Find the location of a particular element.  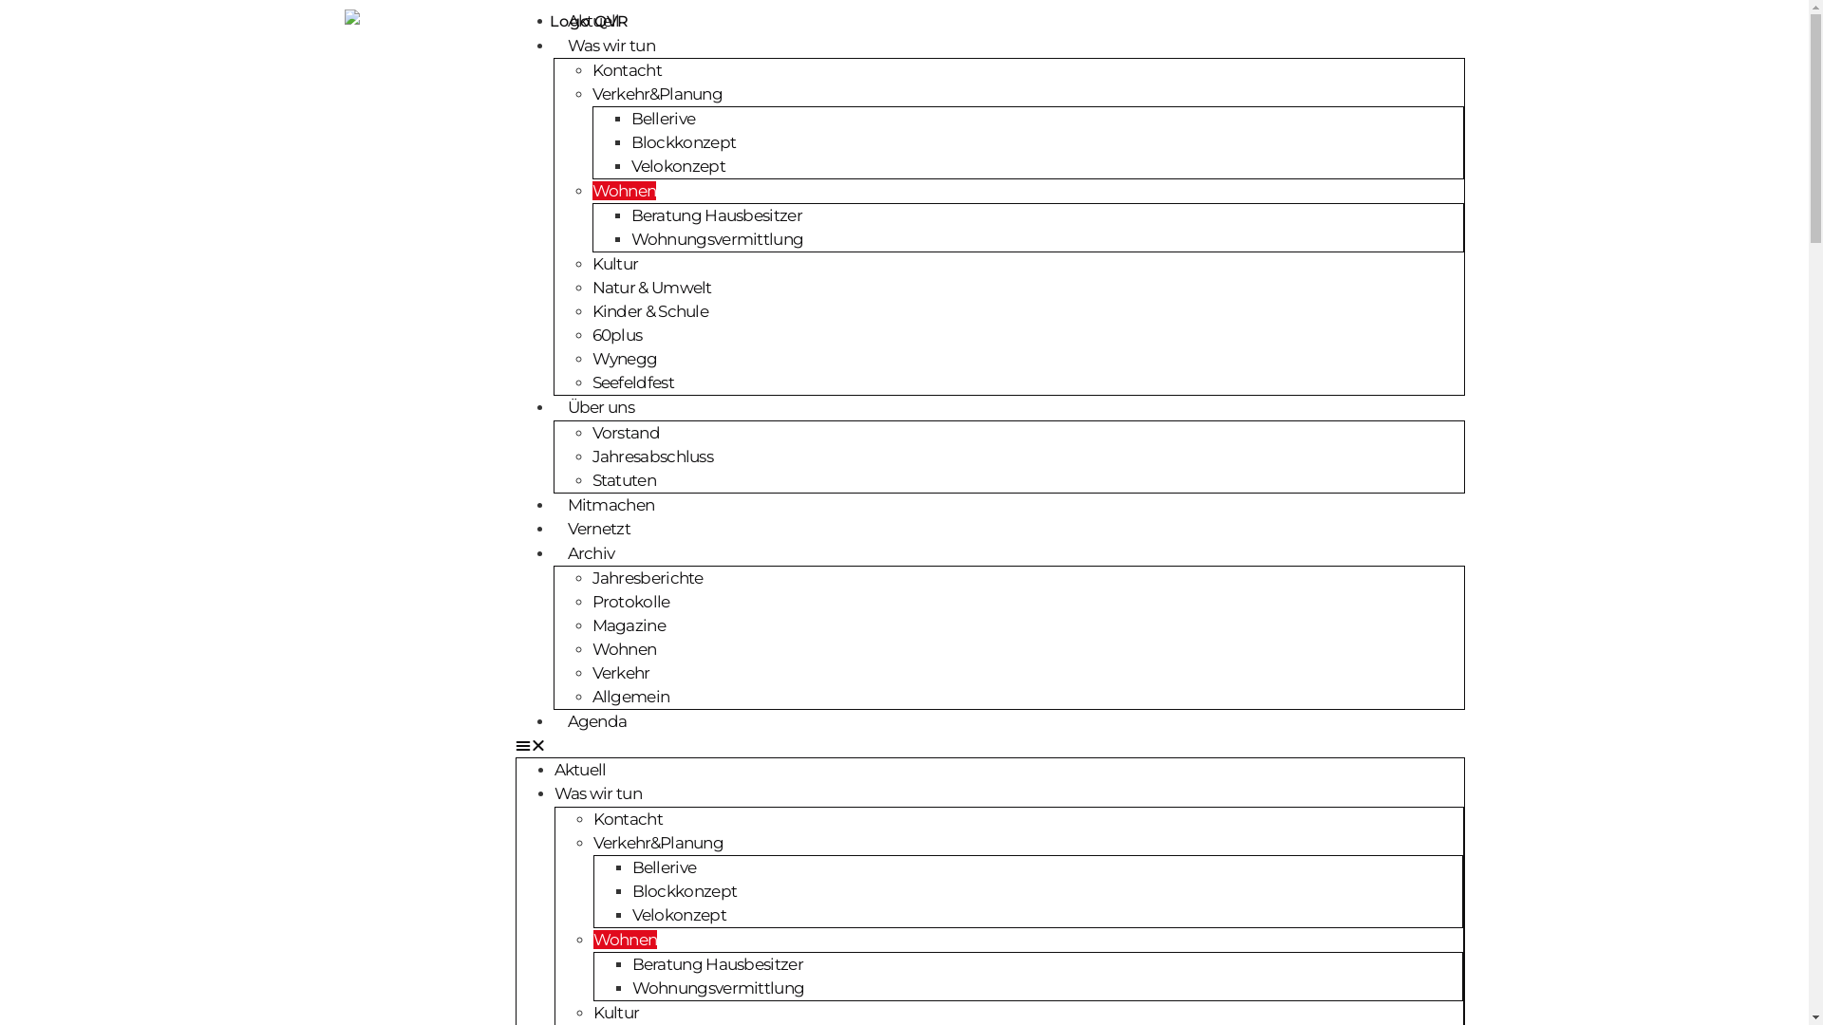

'Allgemein' is located at coordinates (631, 696).